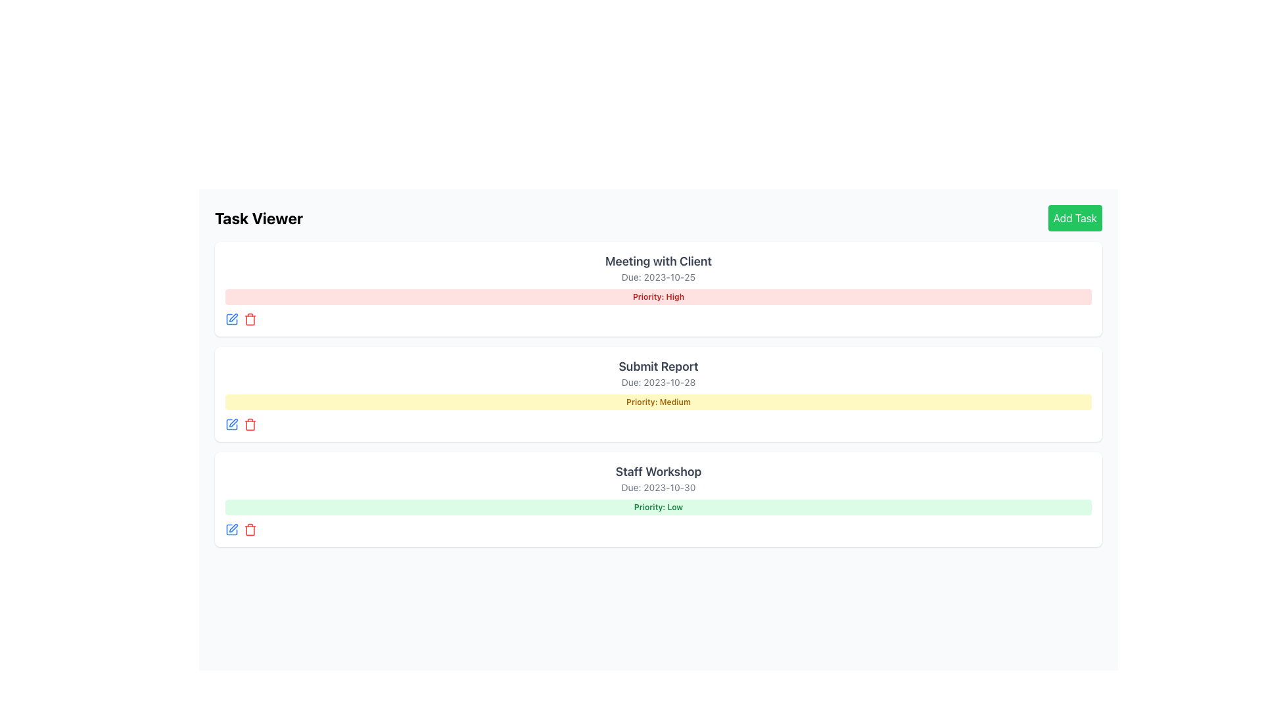 This screenshot has height=710, width=1262. Describe the element at coordinates (659, 276) in the screenshot. I see `displayed due date from the static text element showing 'Due: 2023-10-25' located in the middle portion of the card titled 'Meeting with Client'` at that location.